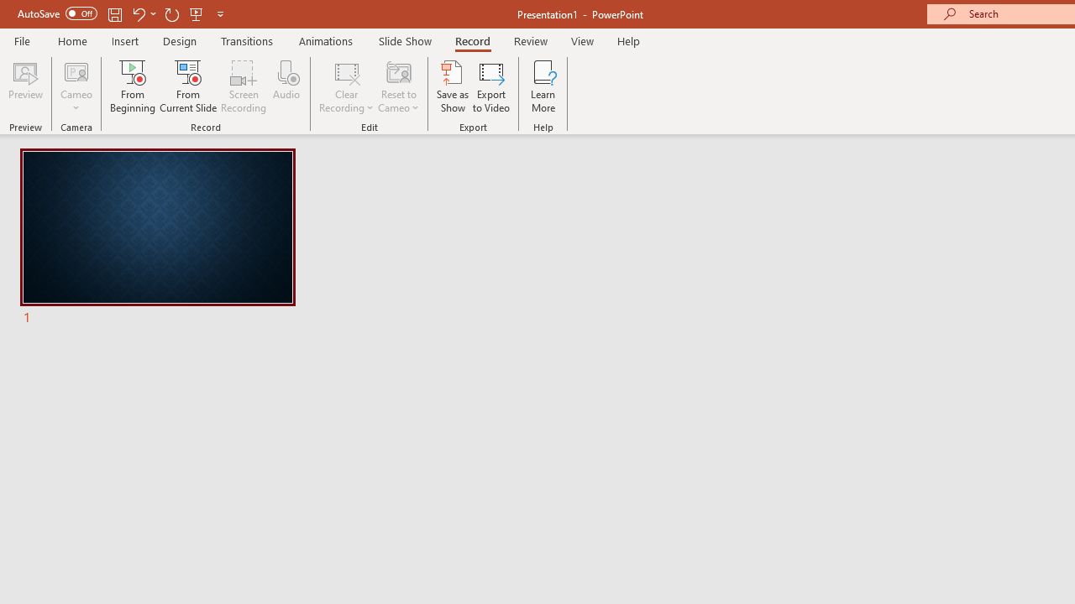 Image resolution: width=1075 pixels, height=604 pixels. I want to click on 'From Beginning...', so click(132, 86).